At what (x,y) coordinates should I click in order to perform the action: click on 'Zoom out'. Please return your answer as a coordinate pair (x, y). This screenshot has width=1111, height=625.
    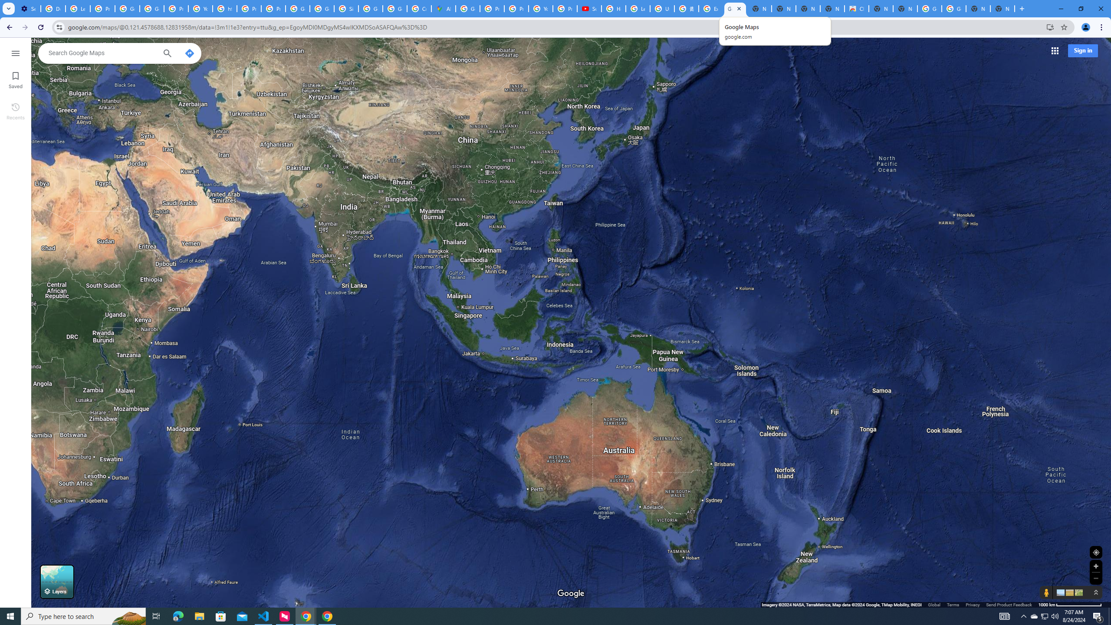
    Looking at the image, I should click on (1095, 578).